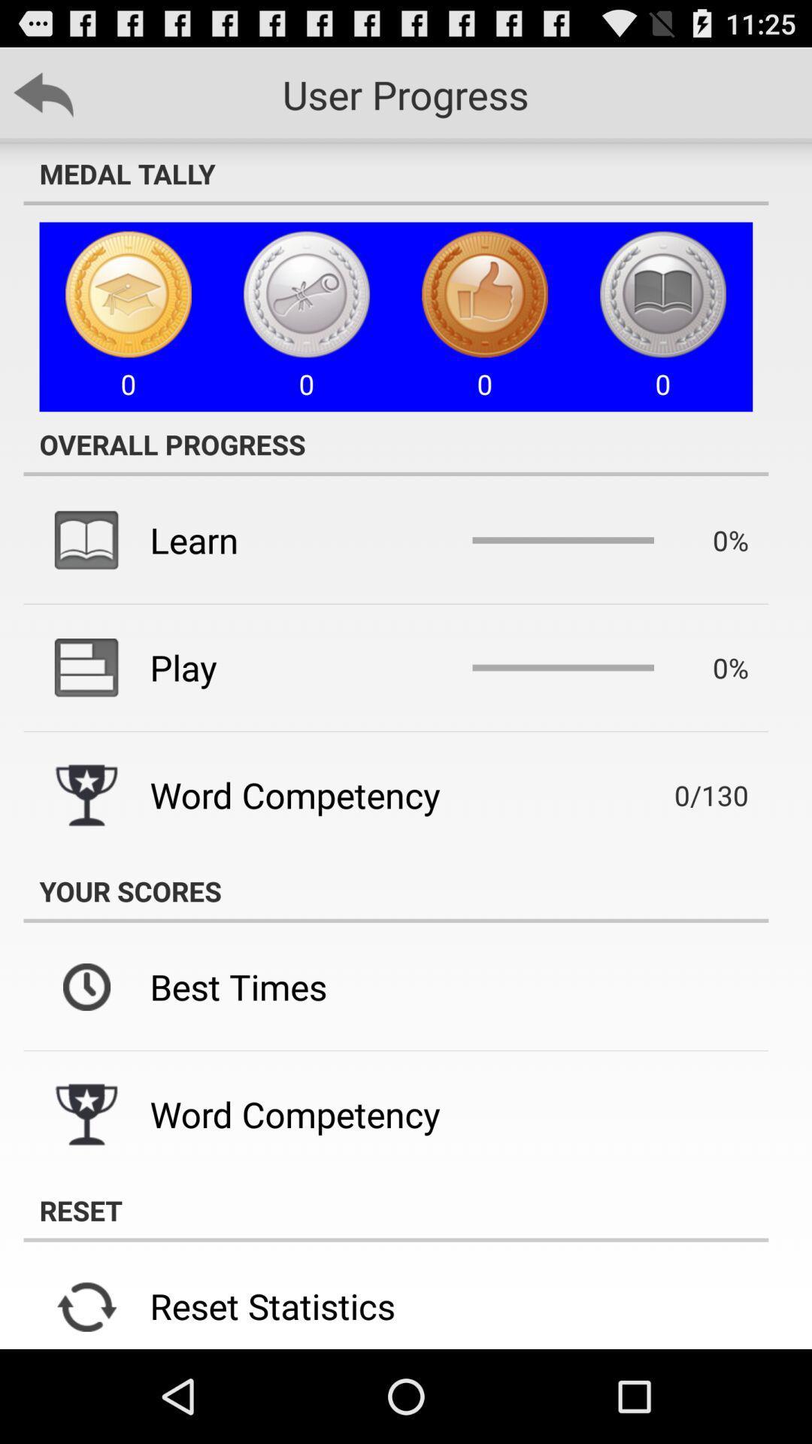 The image size is (812, 1444). Describe the element at coordinates (183, 666) in the screenshot. I see `item below learn item` at that location.